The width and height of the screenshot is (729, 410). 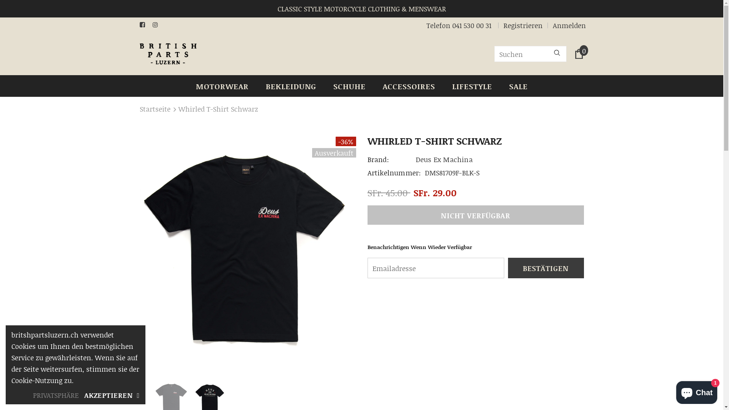 I want to click on 'Deus Ex Machina', so click(x=444, y=159).